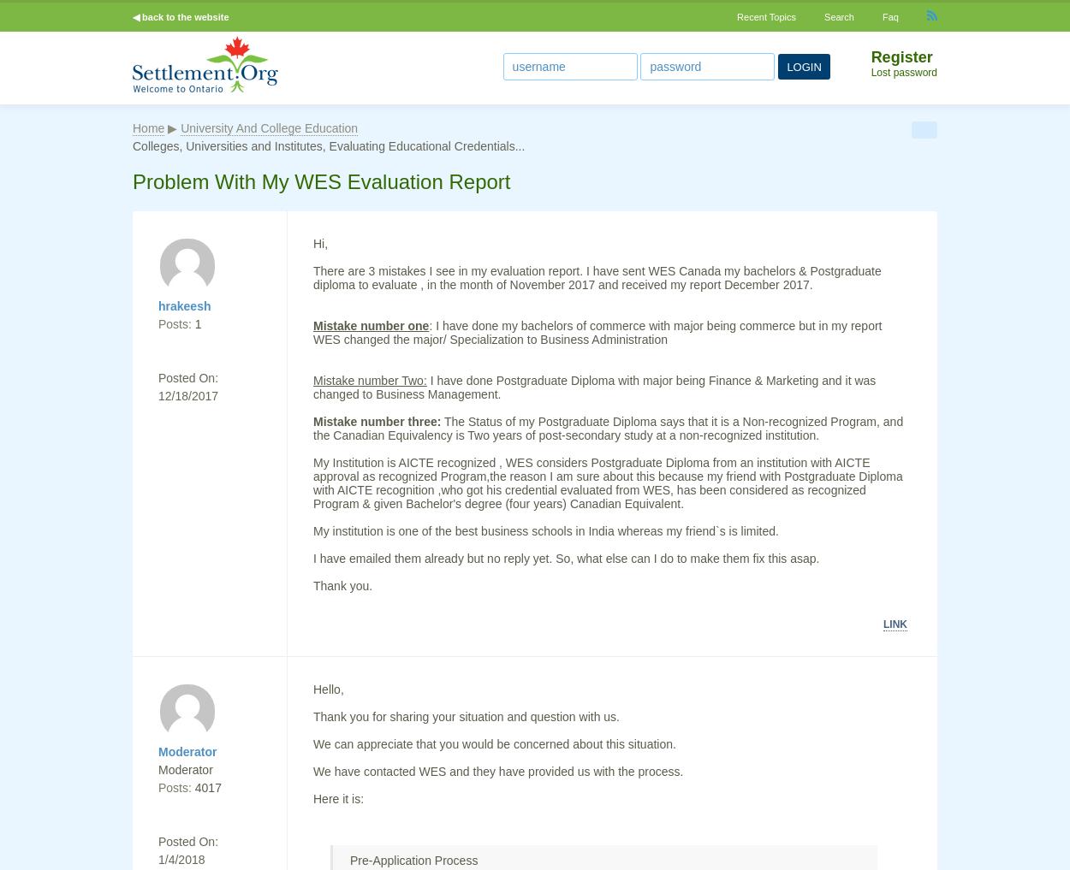 The height and width of the screenshot is (870, 1070). I want to click on 'Pre-Application Process', so click(413, 861).